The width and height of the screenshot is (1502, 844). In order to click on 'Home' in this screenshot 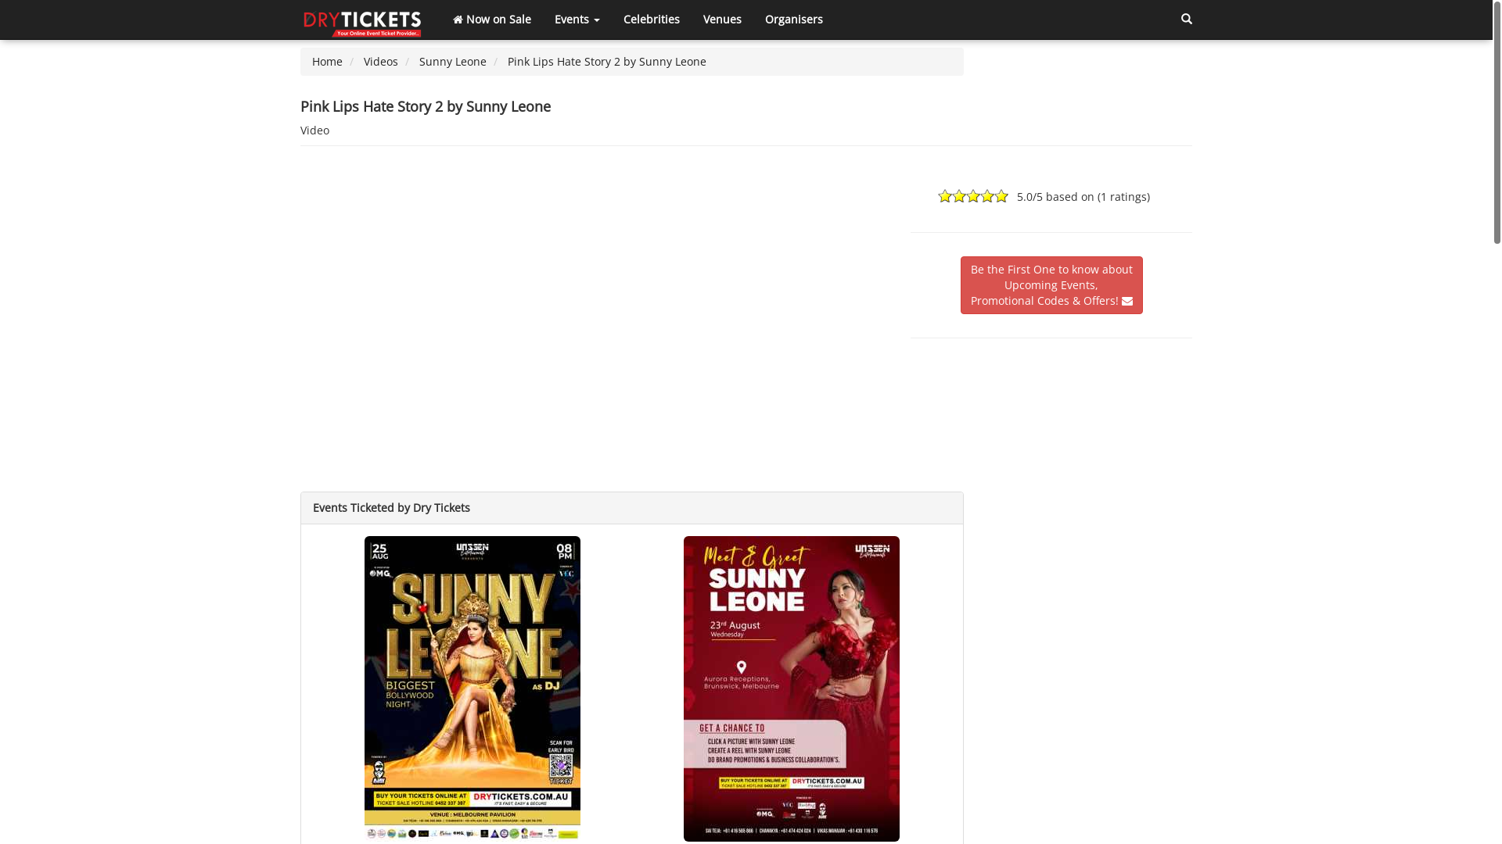, I will do `click(311, 60)`.